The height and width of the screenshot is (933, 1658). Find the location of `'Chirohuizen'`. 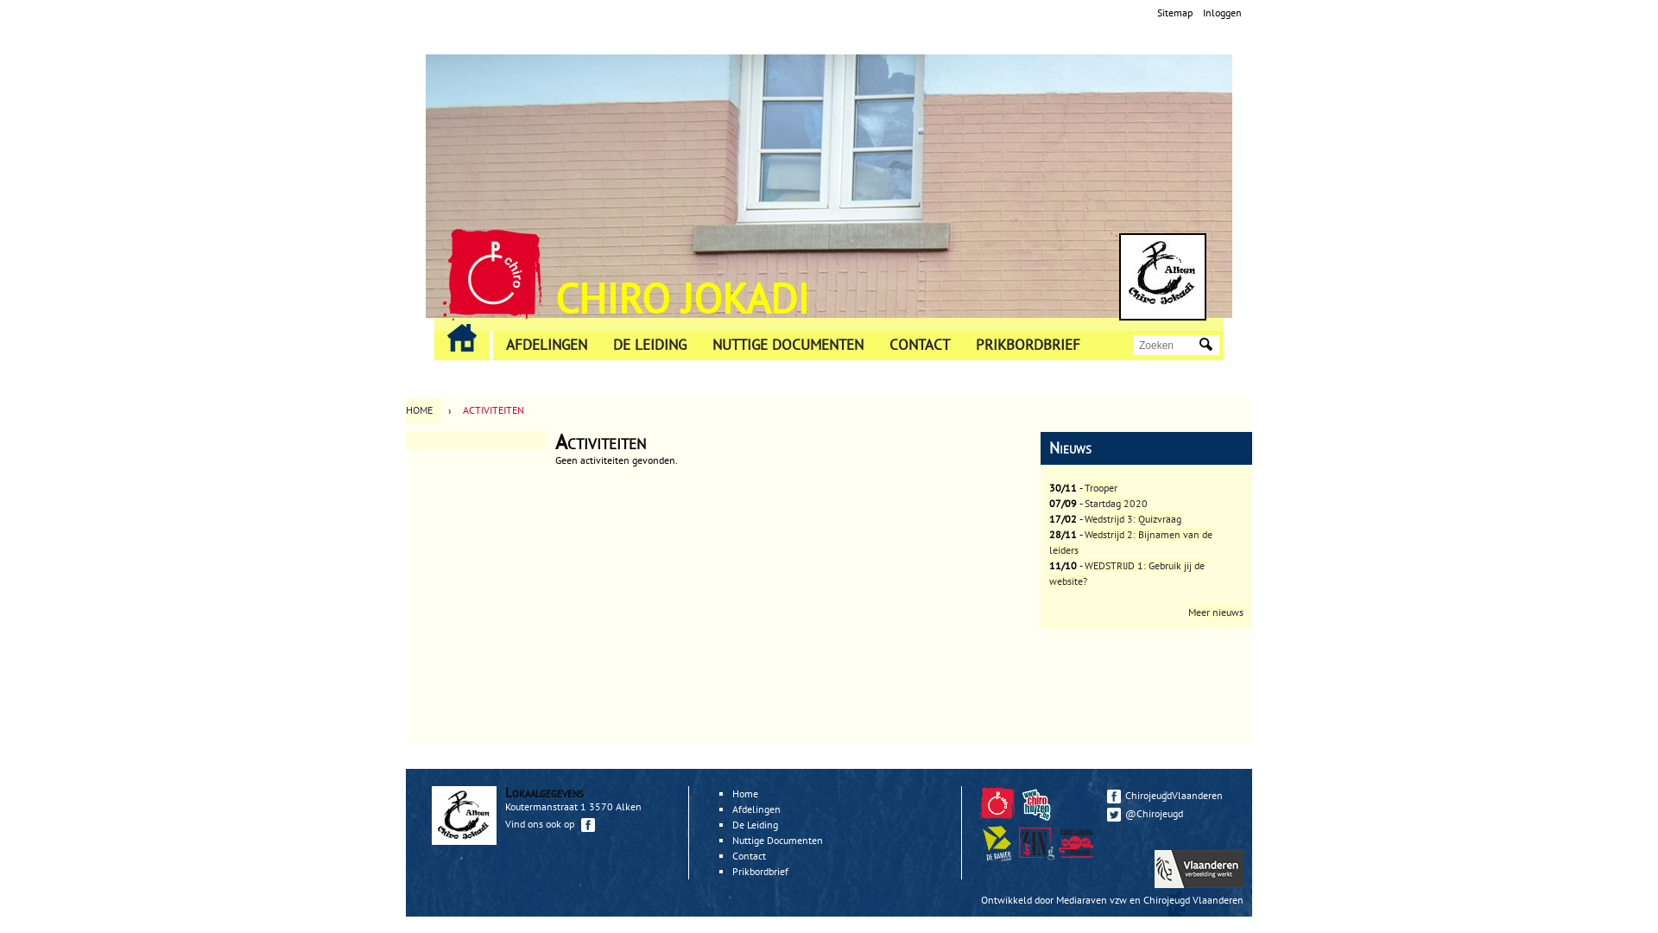

'Chirohuizen' is located at coordinates (1038, 816).